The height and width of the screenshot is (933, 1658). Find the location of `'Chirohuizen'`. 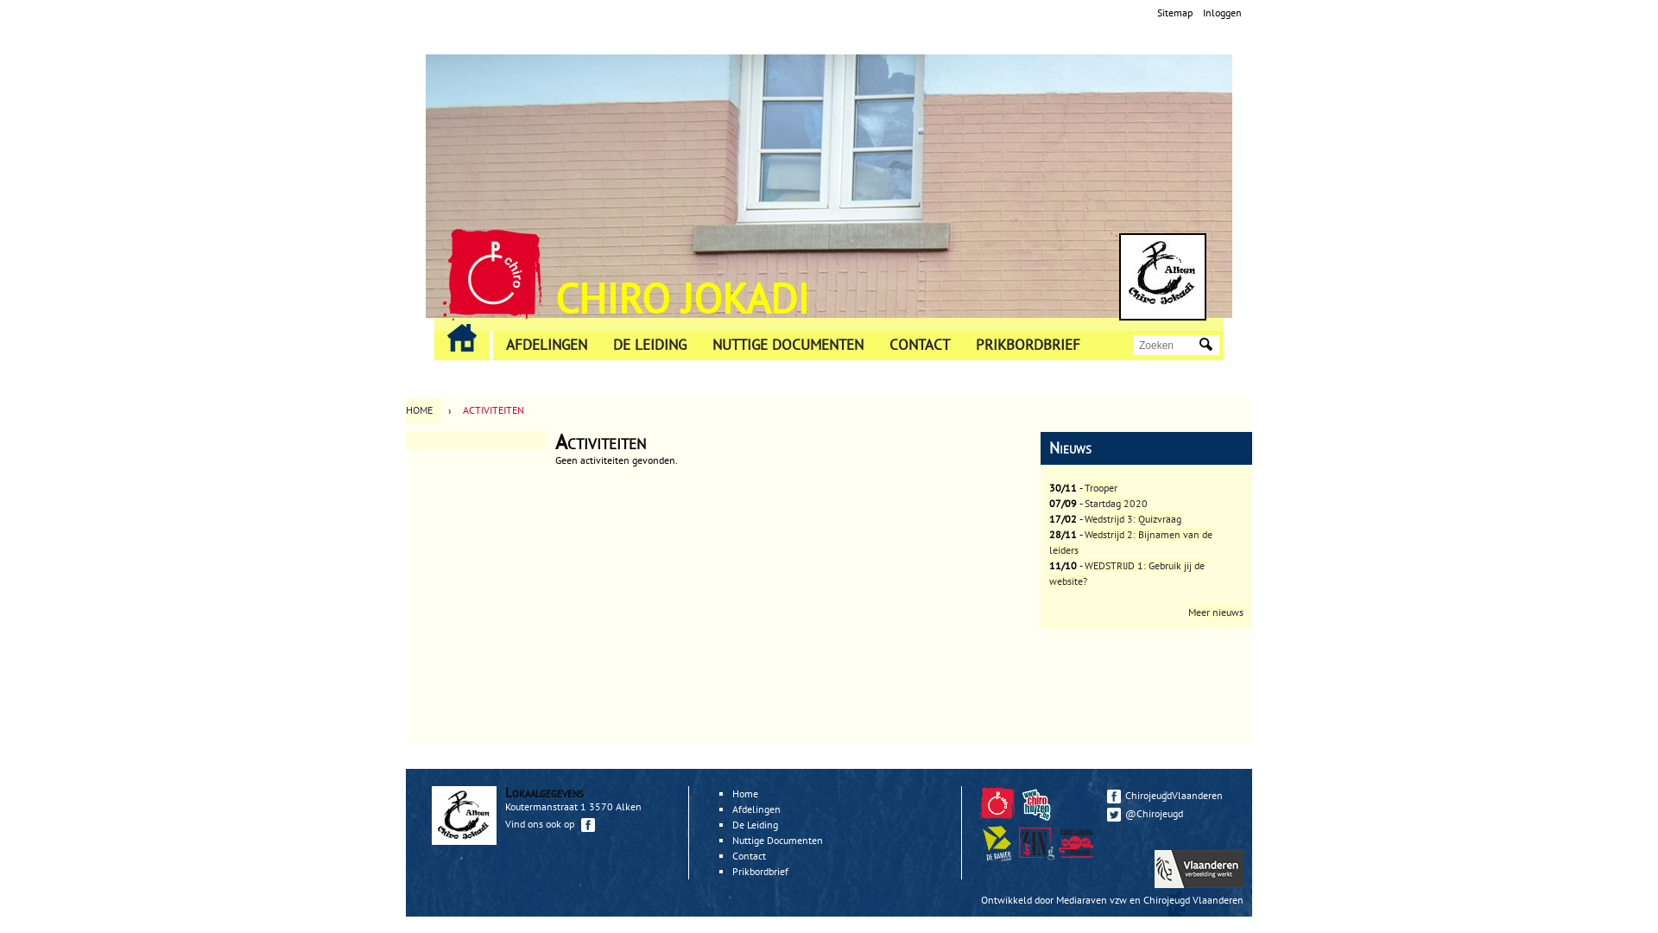

'Chirohuizen' is located at coordinates (1038, 816).